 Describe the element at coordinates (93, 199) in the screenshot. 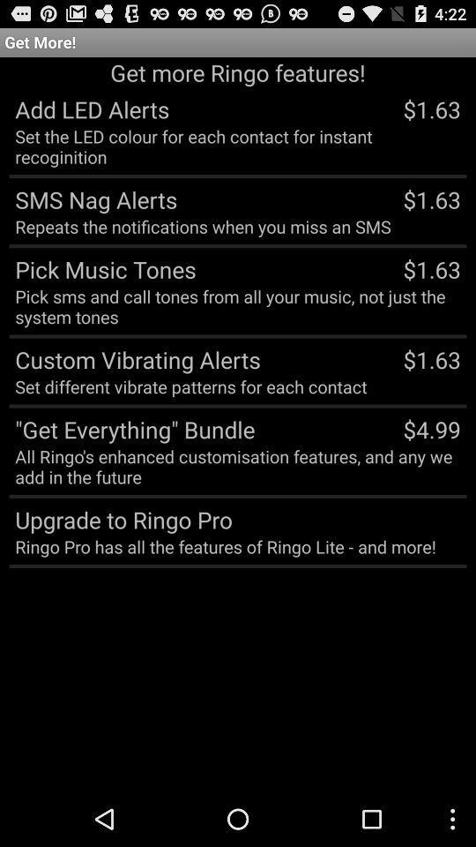

I see `the sms nag alerts app` at that location.